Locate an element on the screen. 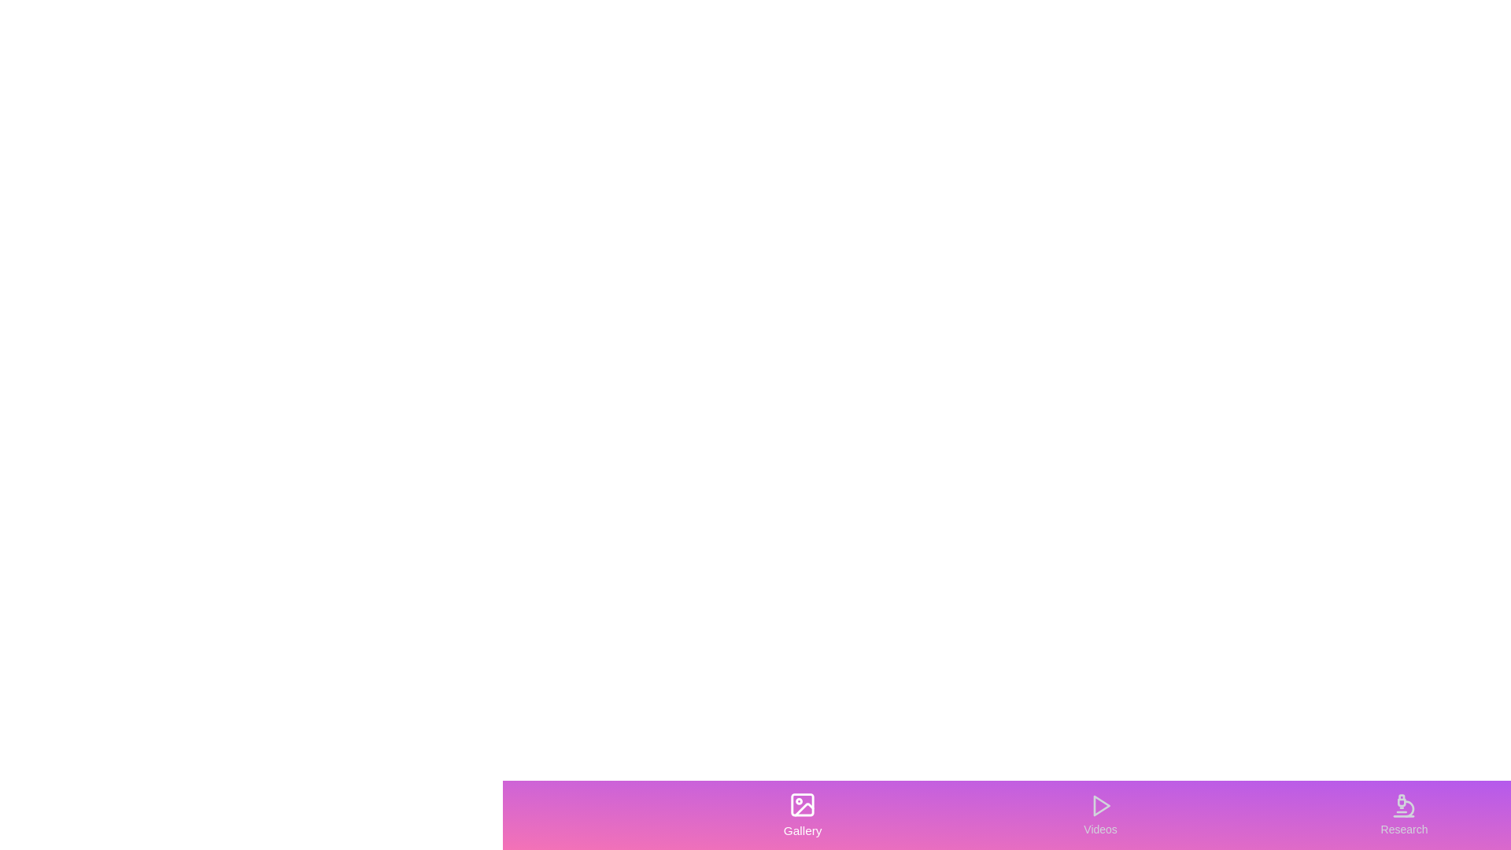 This screenshot has width=1511, height=850. the tab labeled Videos to observe its hover effect is located at coordinates (1099, 815).